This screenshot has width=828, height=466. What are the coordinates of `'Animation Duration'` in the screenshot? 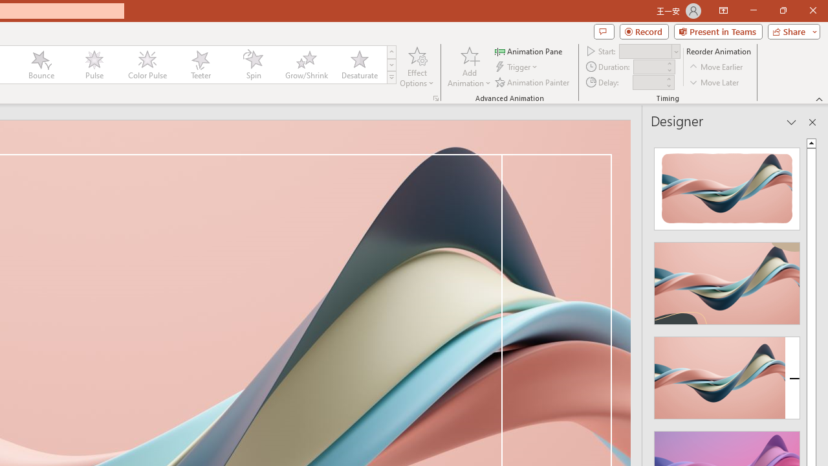 It's located at (649, 67).